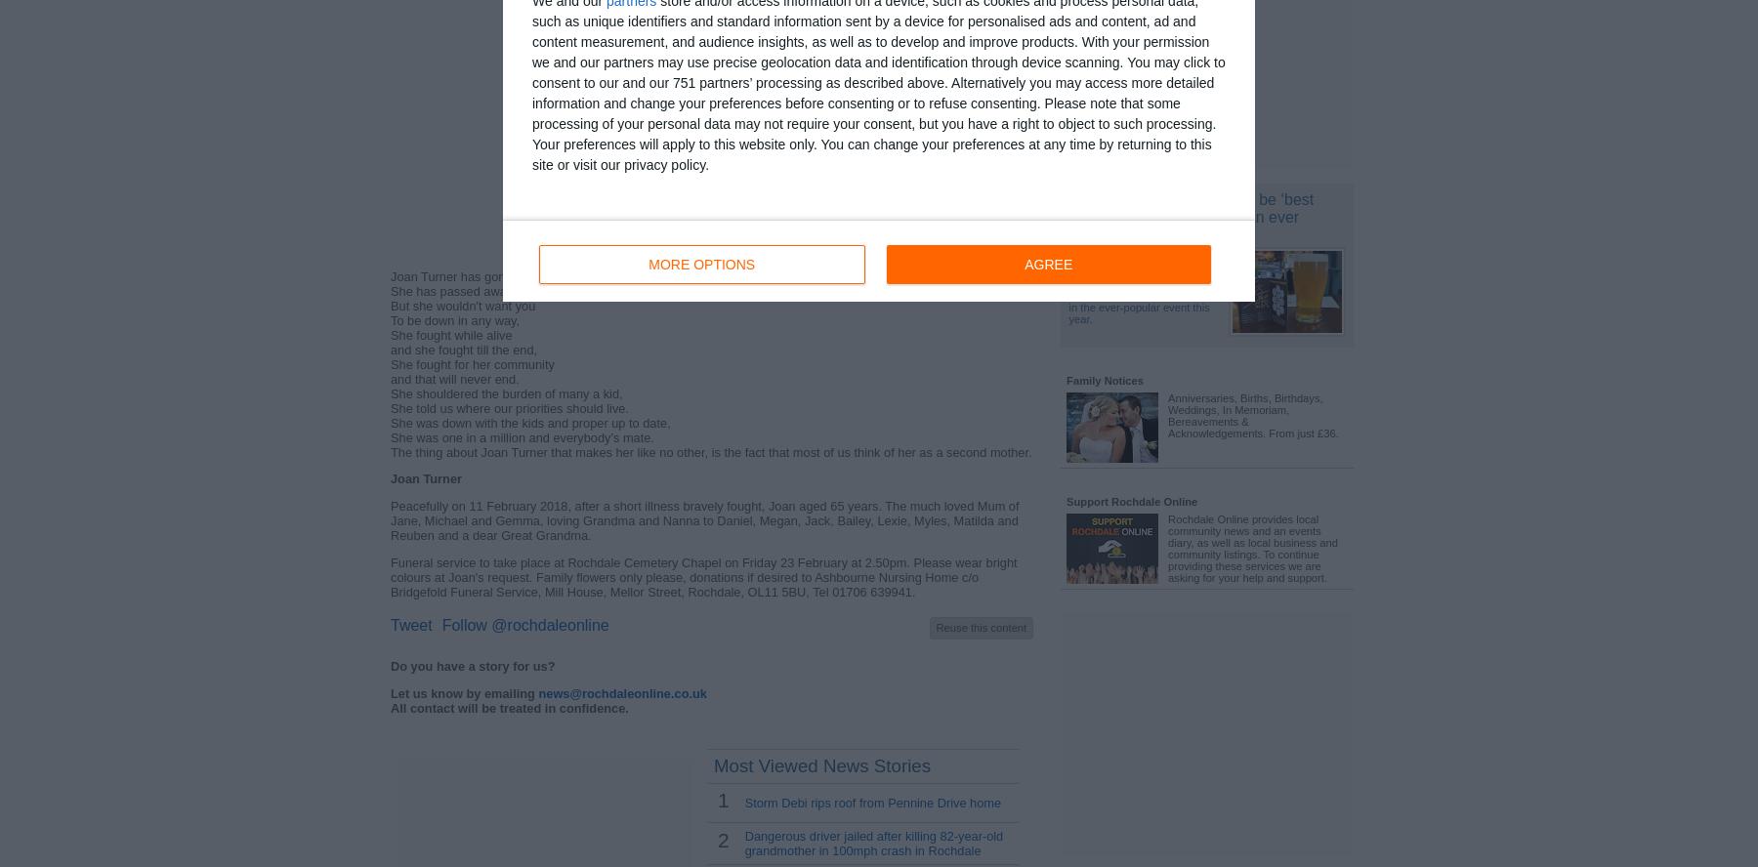  What do you see at coordinates (721, 799) in the screenshot?
I see `'1'` at bounding box center [721, 799].